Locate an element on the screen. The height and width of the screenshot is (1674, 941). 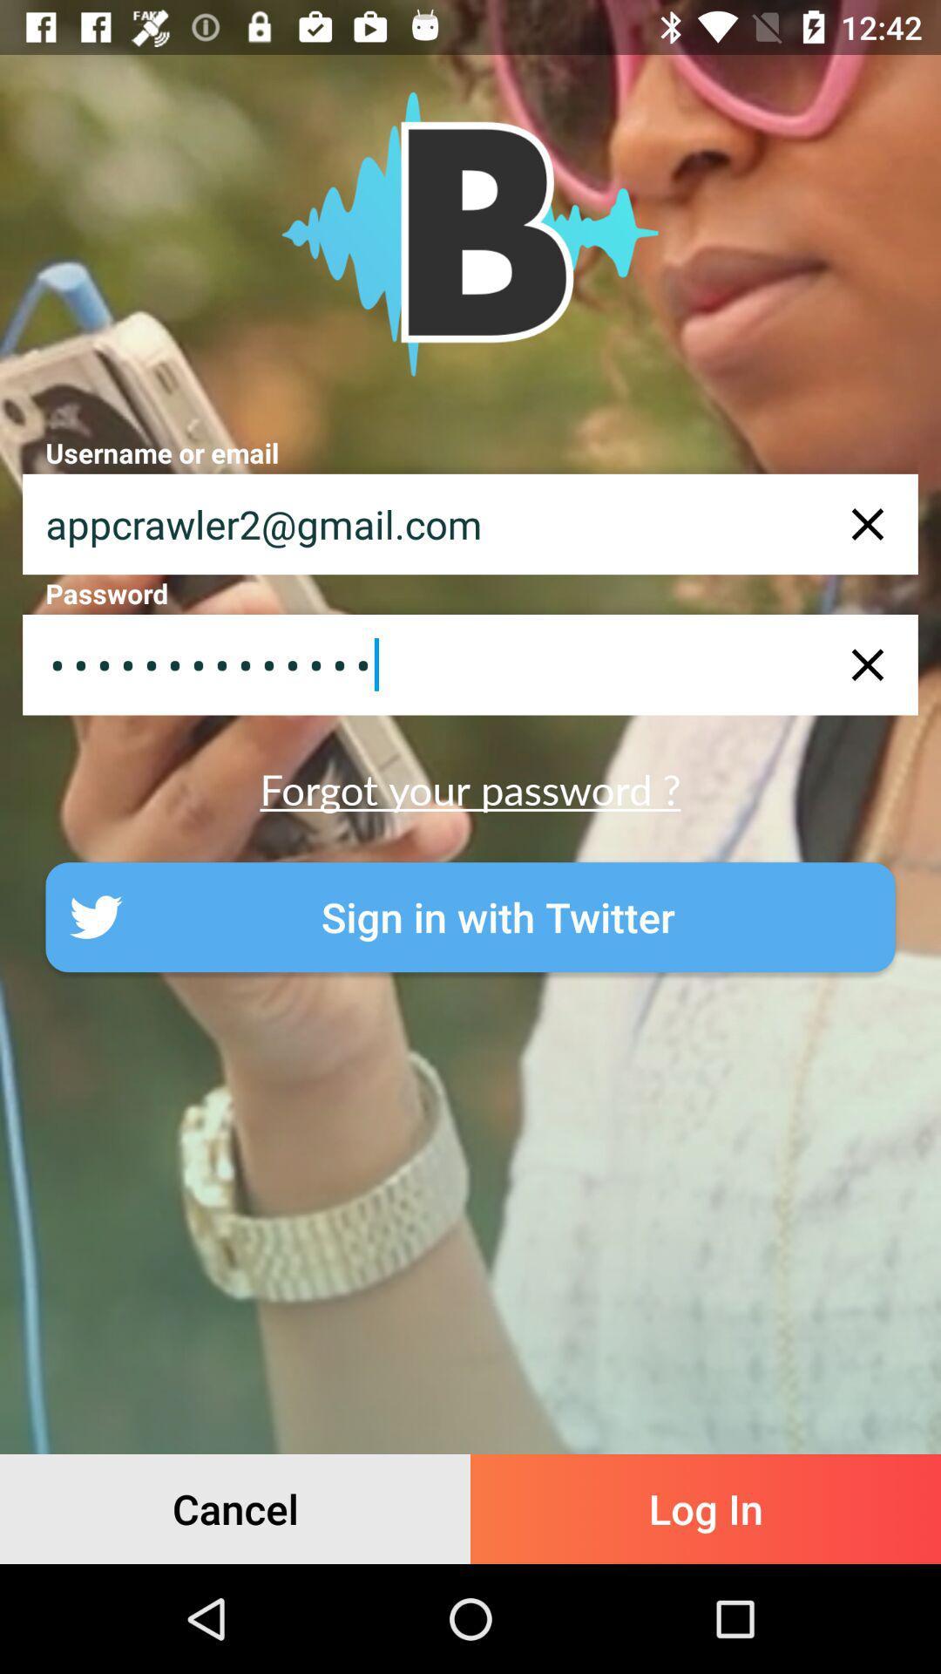
icon at the bottom right corner is located at coordinates (706, 1508).